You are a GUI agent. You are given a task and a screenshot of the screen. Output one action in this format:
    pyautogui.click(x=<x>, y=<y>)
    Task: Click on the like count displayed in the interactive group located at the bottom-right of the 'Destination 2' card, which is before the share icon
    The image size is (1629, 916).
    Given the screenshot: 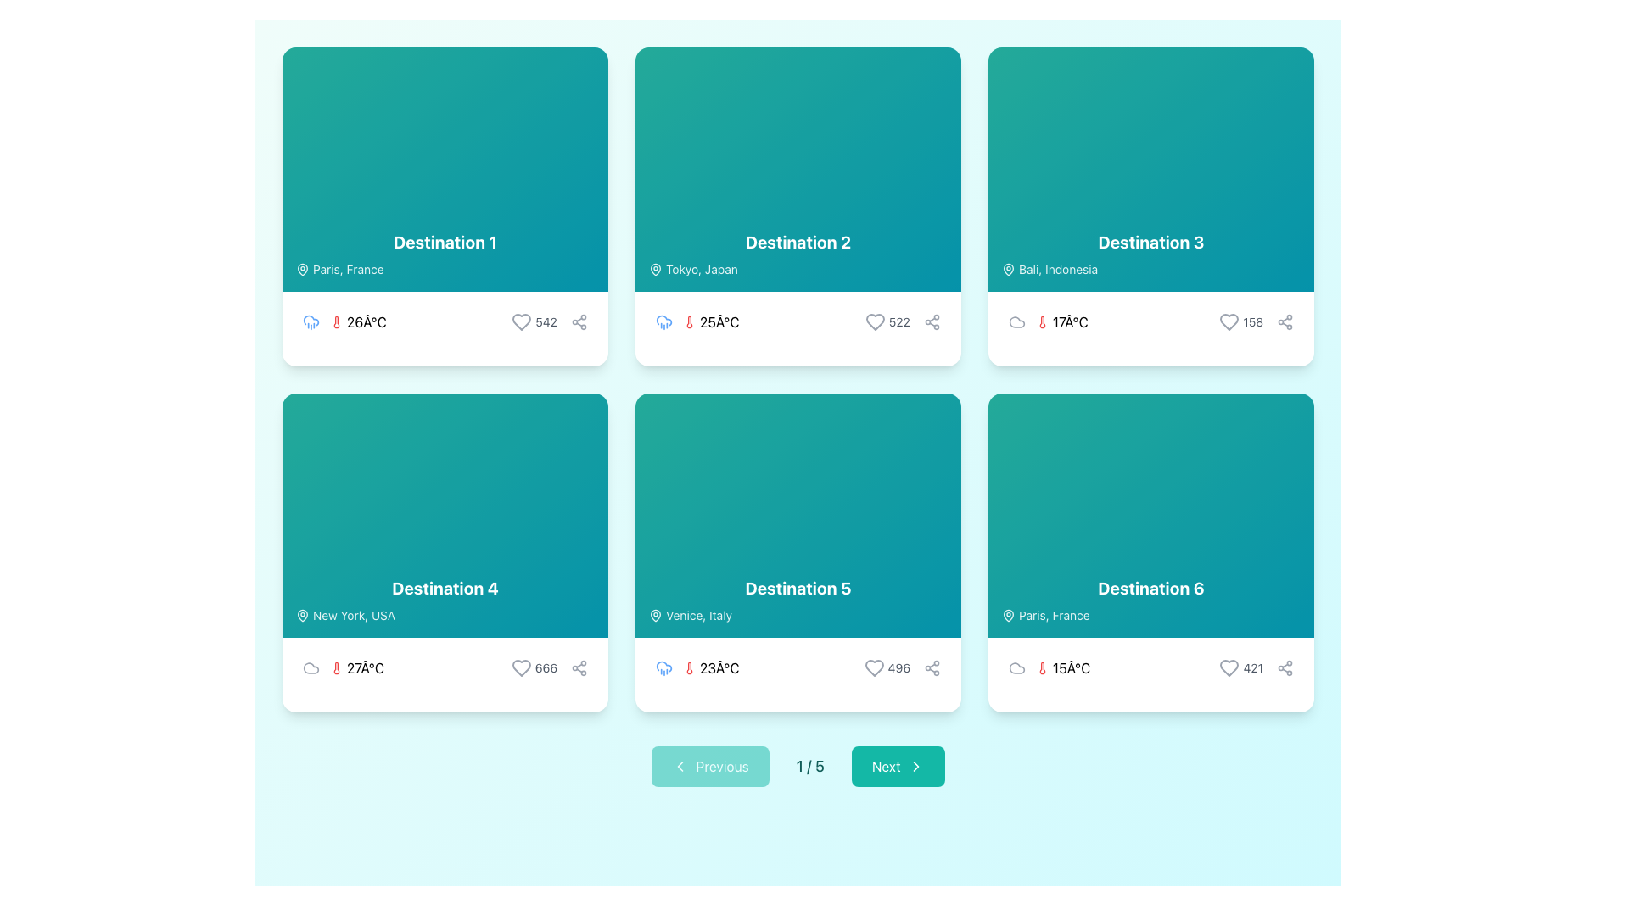 What is the action you would take?
    pyautogui.click(x=887, y=322)
    